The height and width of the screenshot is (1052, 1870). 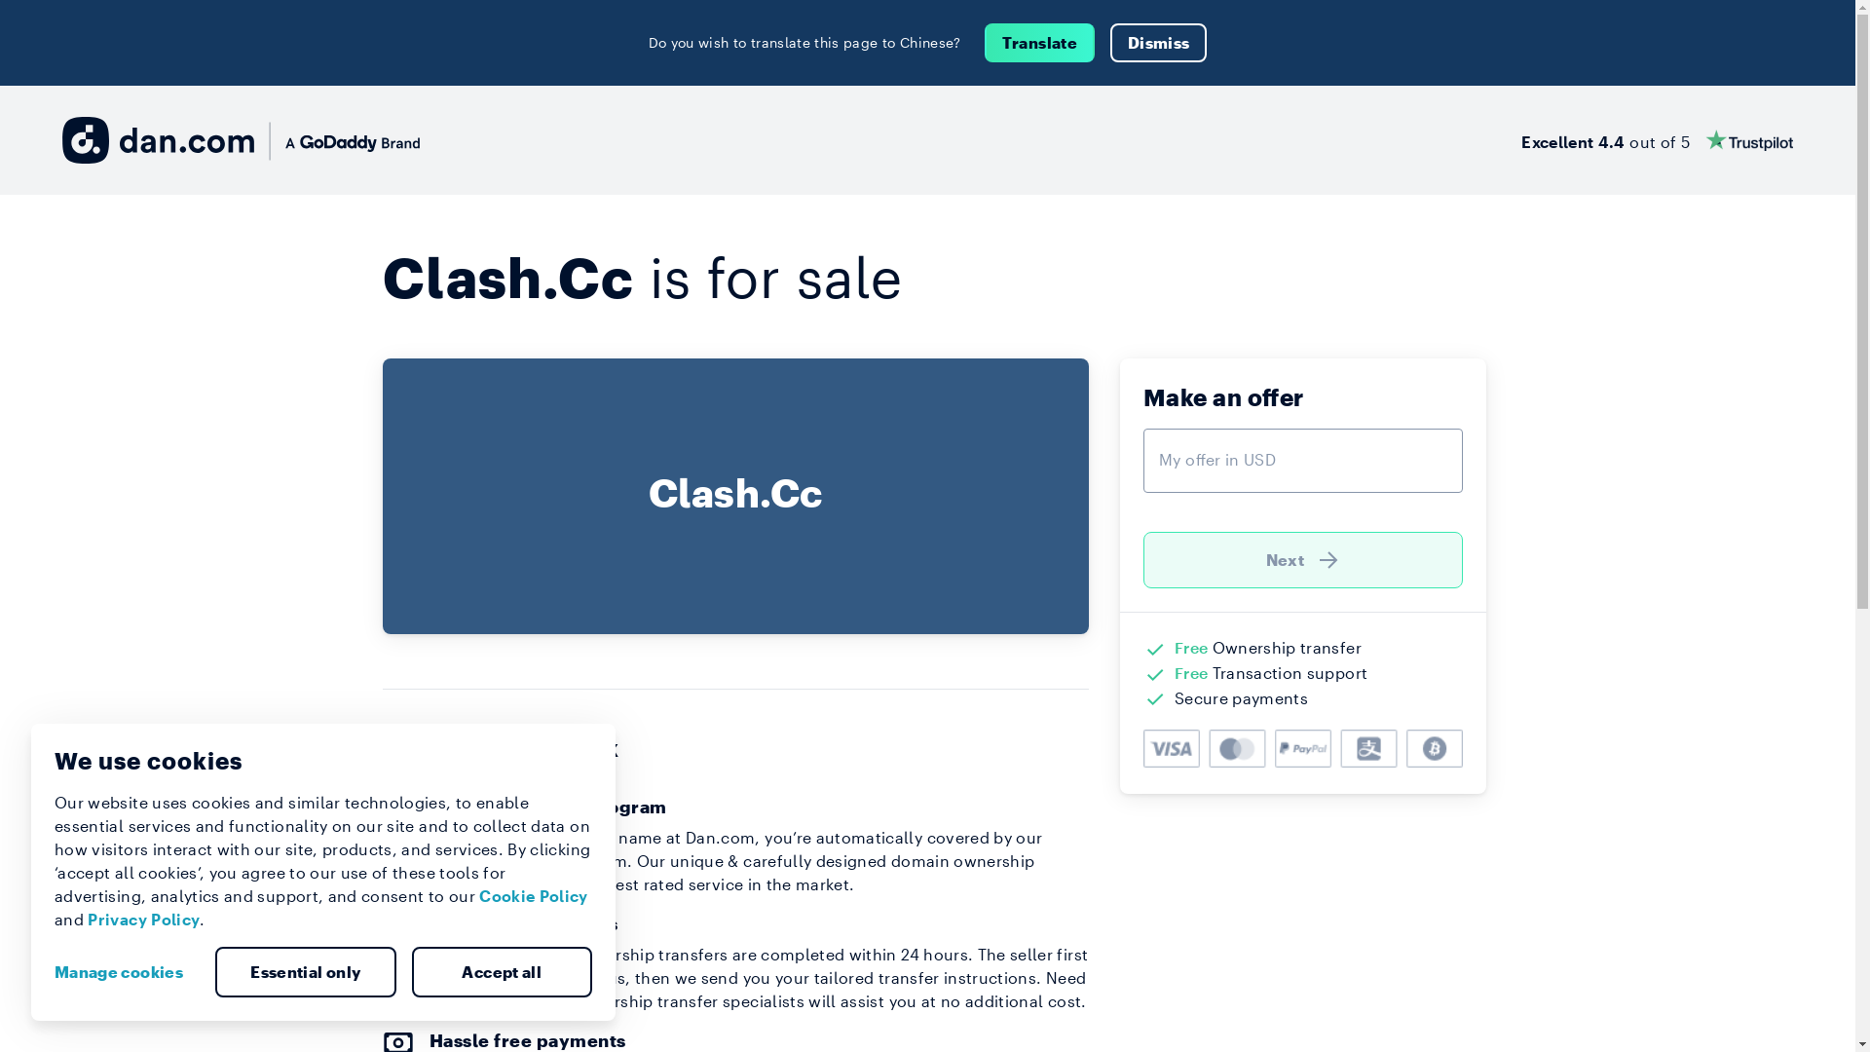 What do you see at coordinates (1303, 559) in the screenshot?
I see `'Next` at bounding box center [1303, 559].